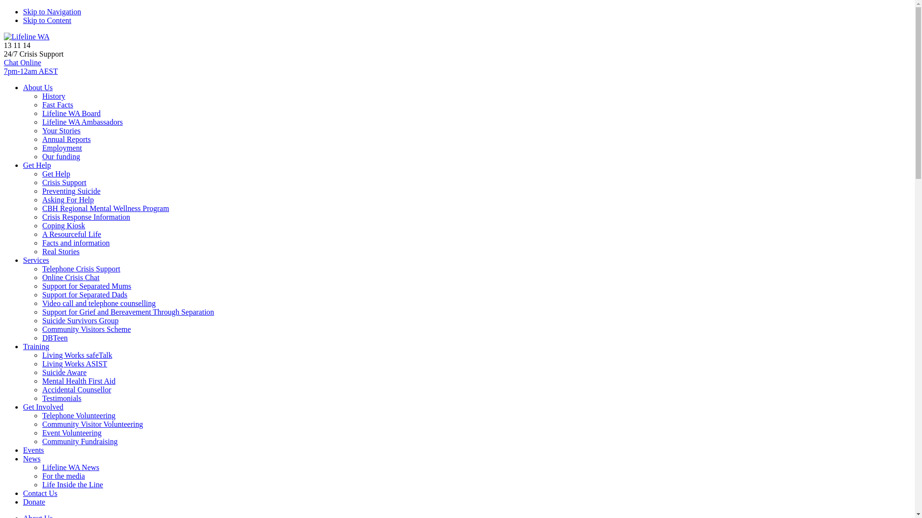  Describe the element at coordinates (128, 312) in the screenshot. I see `'Support for Grief and Bereavement Through Separation'` at that location.